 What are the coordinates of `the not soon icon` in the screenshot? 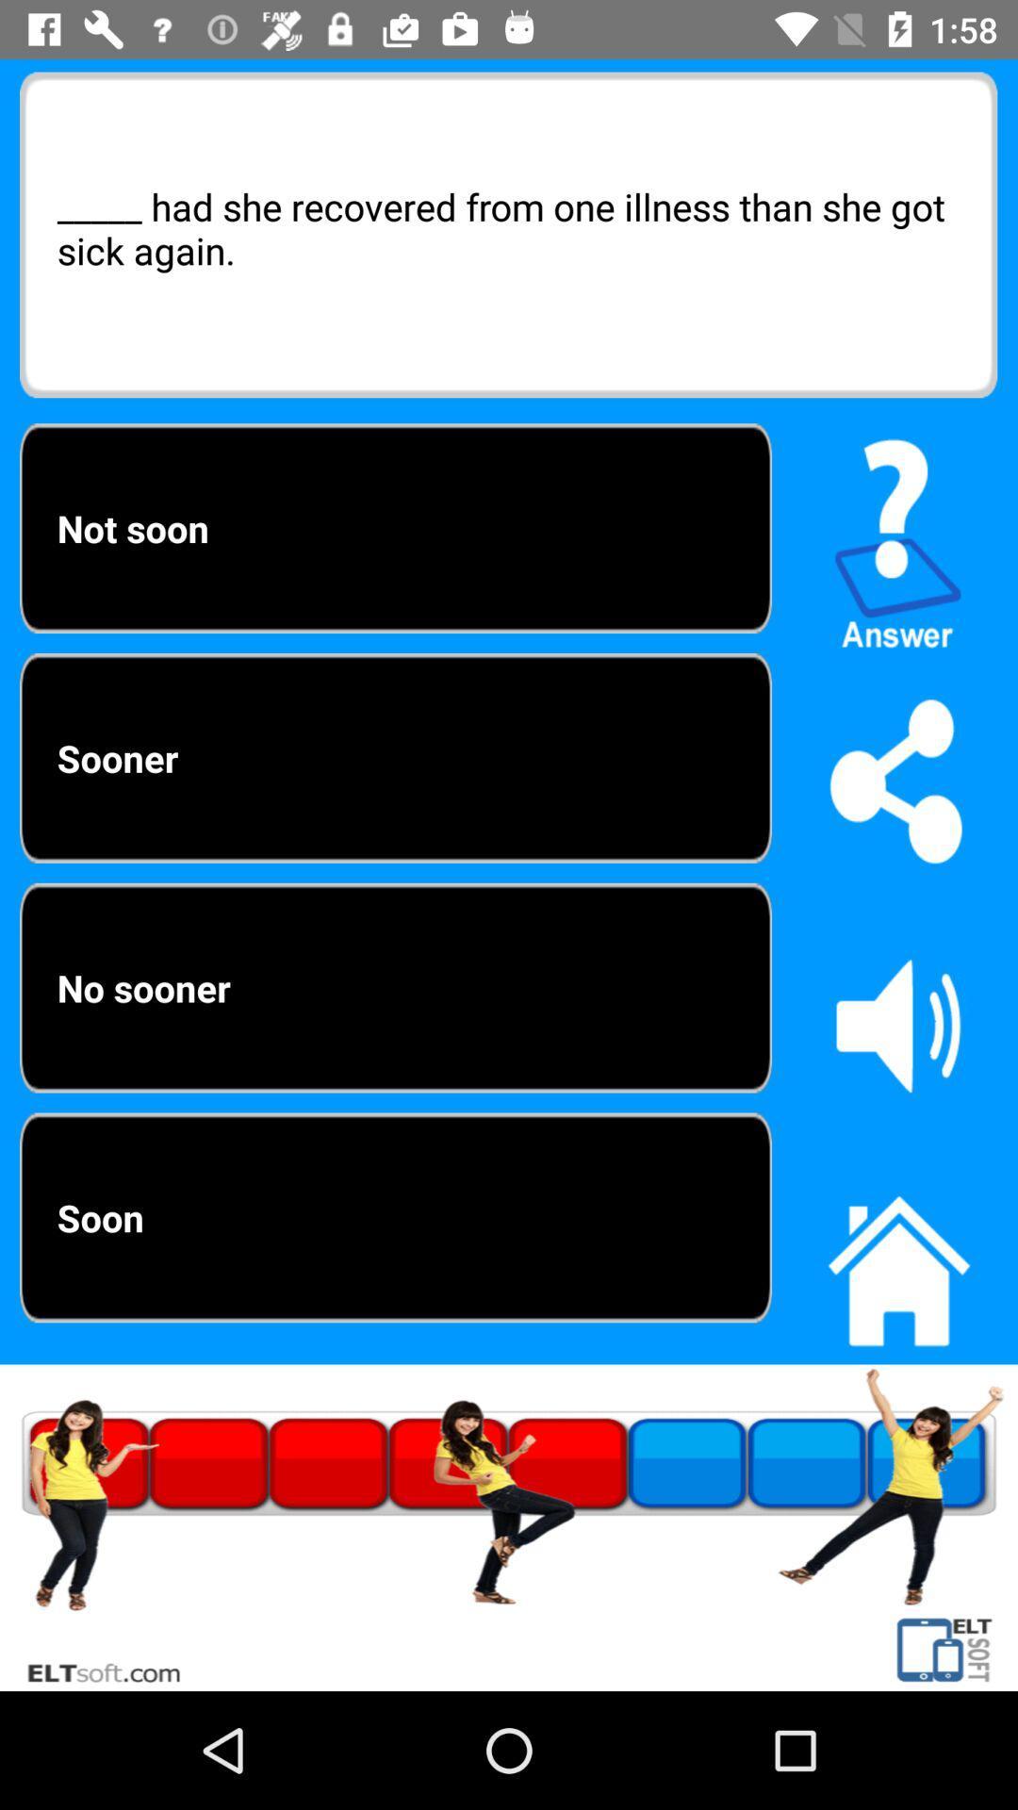 It's located at (395, 528).